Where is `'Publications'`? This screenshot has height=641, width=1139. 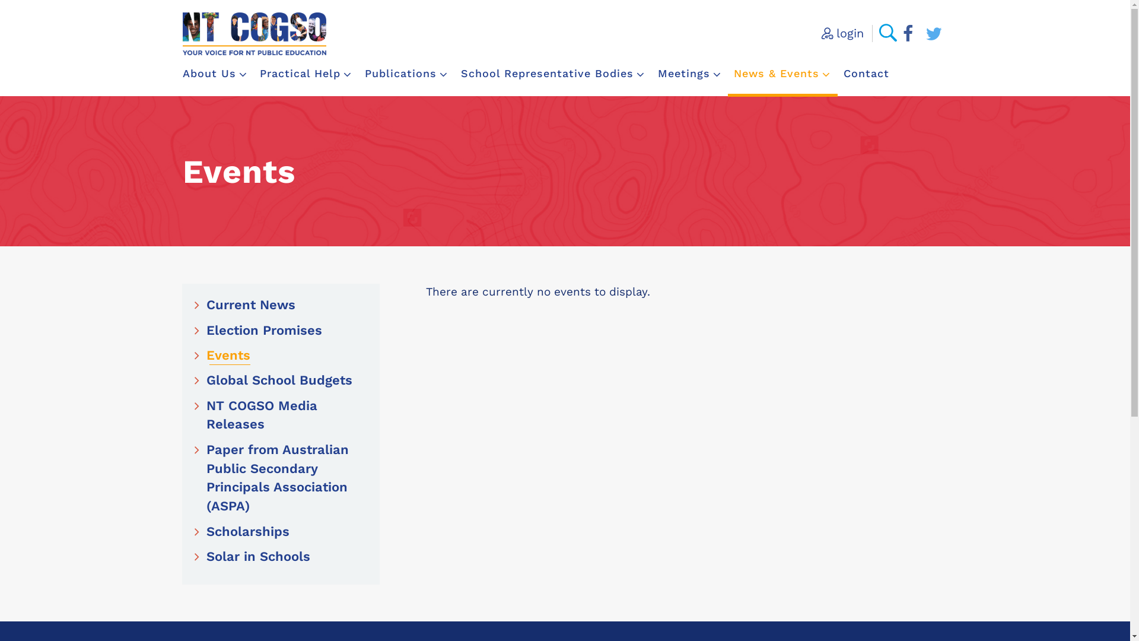
'Publications' is located at coordinates (406, 73).